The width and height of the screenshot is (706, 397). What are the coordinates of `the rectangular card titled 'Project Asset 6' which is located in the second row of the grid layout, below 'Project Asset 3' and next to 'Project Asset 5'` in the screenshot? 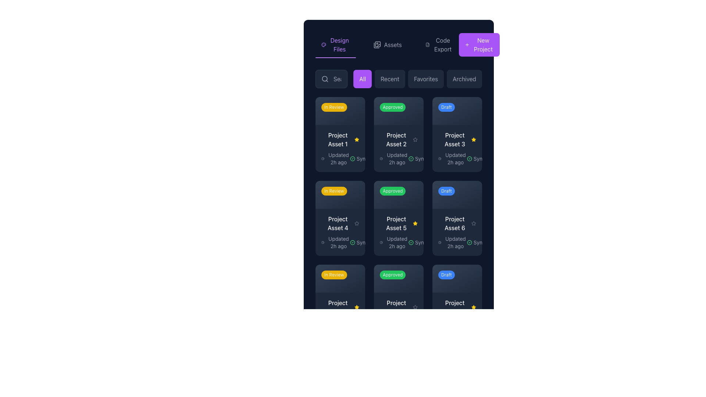 It's located at (457, 232).